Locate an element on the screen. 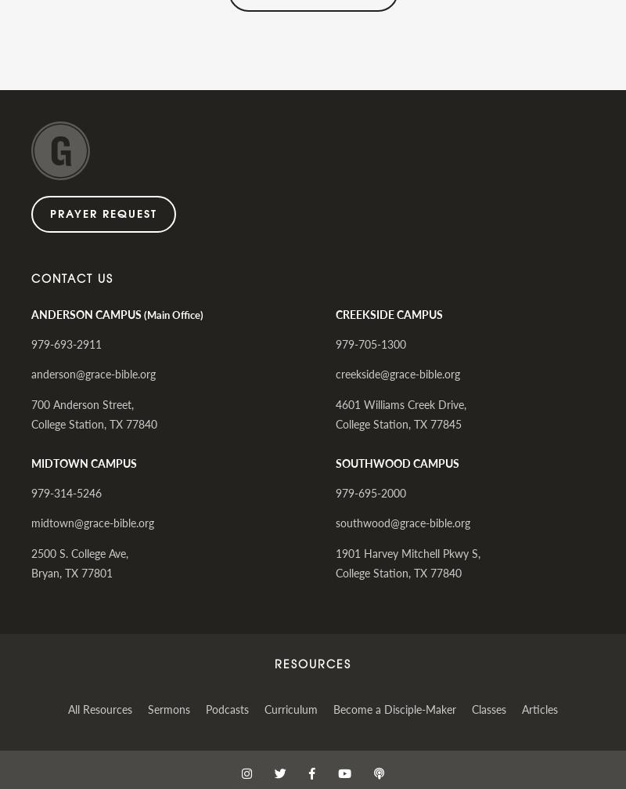 The height and width of the screenshot is (789, 626). '979-314-5246' is located at coordinates (67, 491).